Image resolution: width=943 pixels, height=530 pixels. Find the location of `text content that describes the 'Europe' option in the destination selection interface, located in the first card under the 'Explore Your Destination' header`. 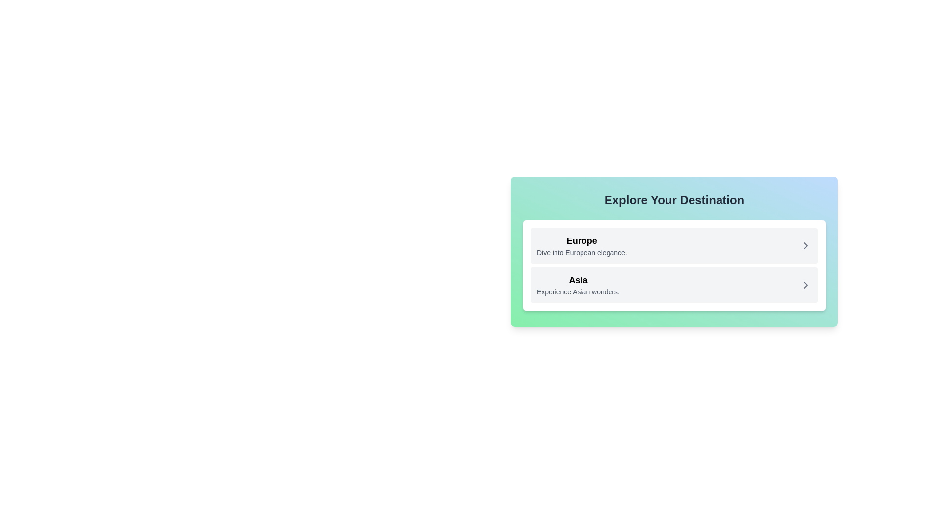

text content that describes the 'Europe' option in the destination selection interface, located in the first card under the 'Explore Your Destination' header is located at coordinates (582, 245).